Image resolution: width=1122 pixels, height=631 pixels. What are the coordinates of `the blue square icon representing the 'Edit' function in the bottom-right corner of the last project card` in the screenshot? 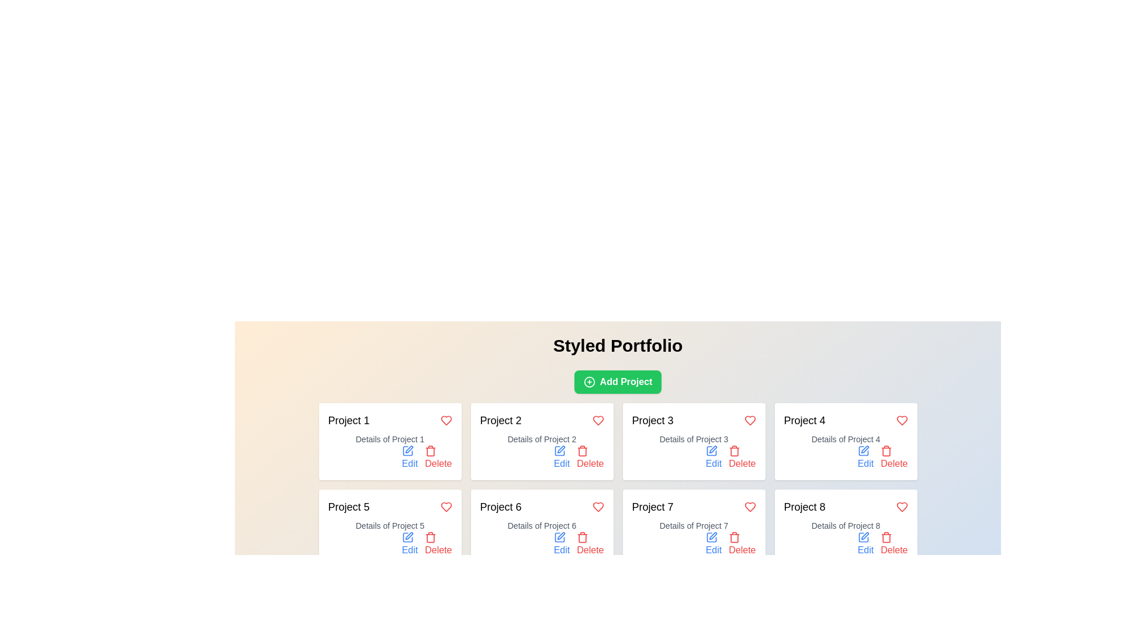 It's located at (863, 538).